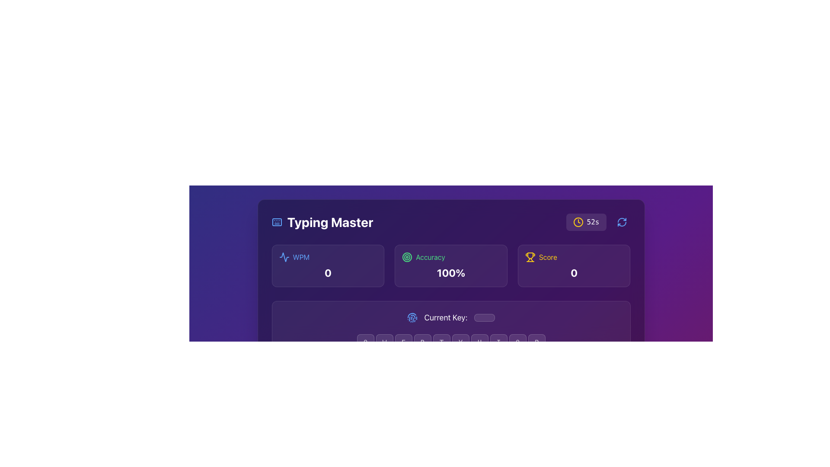  What do you see at coordinates (530, 256) in the screenshot?
I see `the small yellow trophy icon located next to the 'Score' label in the top-right area of the dashboard` at bounding box center [530, 256].